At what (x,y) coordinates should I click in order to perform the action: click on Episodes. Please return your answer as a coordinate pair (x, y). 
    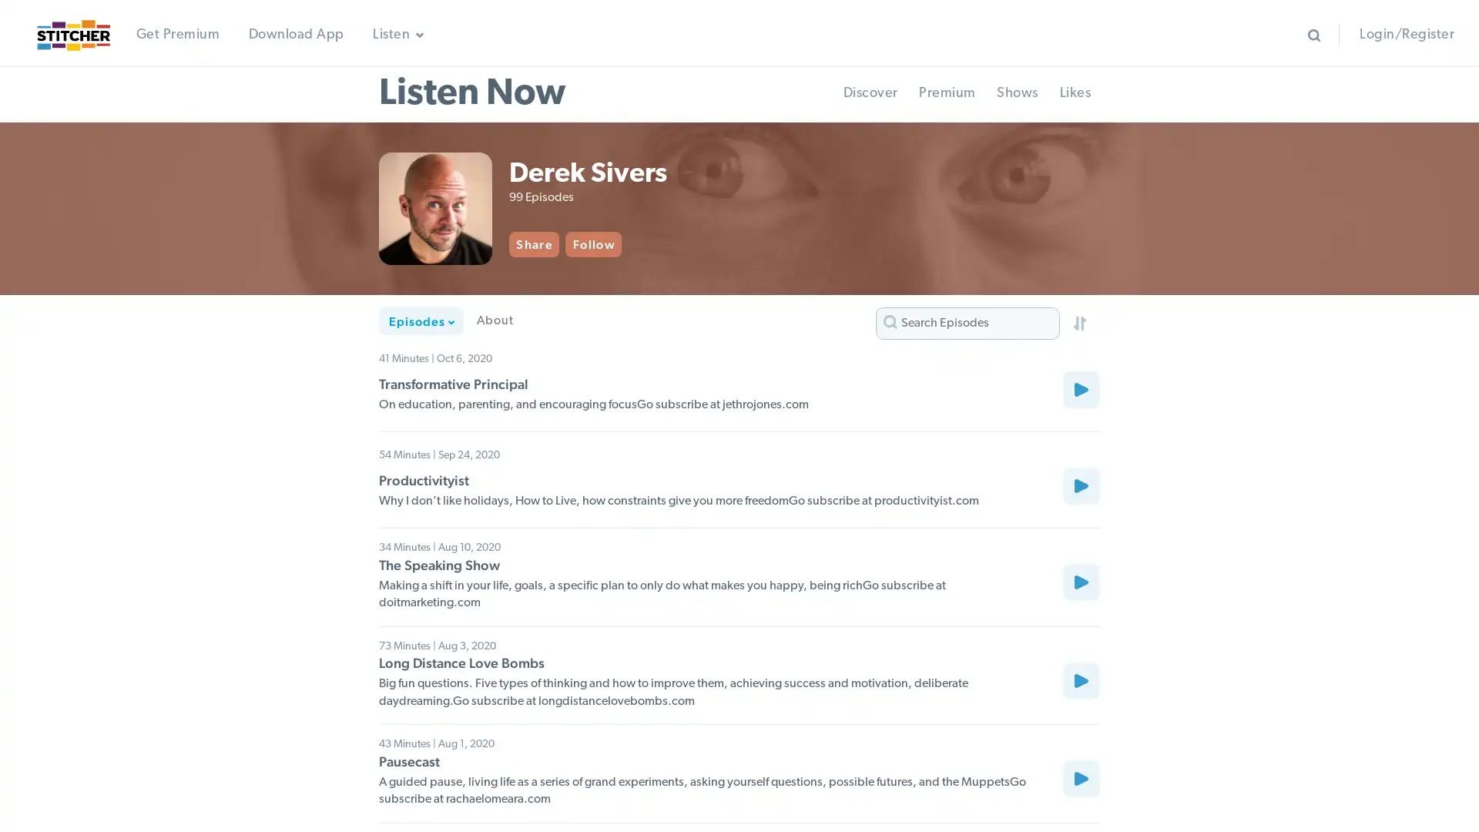
    Looking at the image, I should click on (421, 320).